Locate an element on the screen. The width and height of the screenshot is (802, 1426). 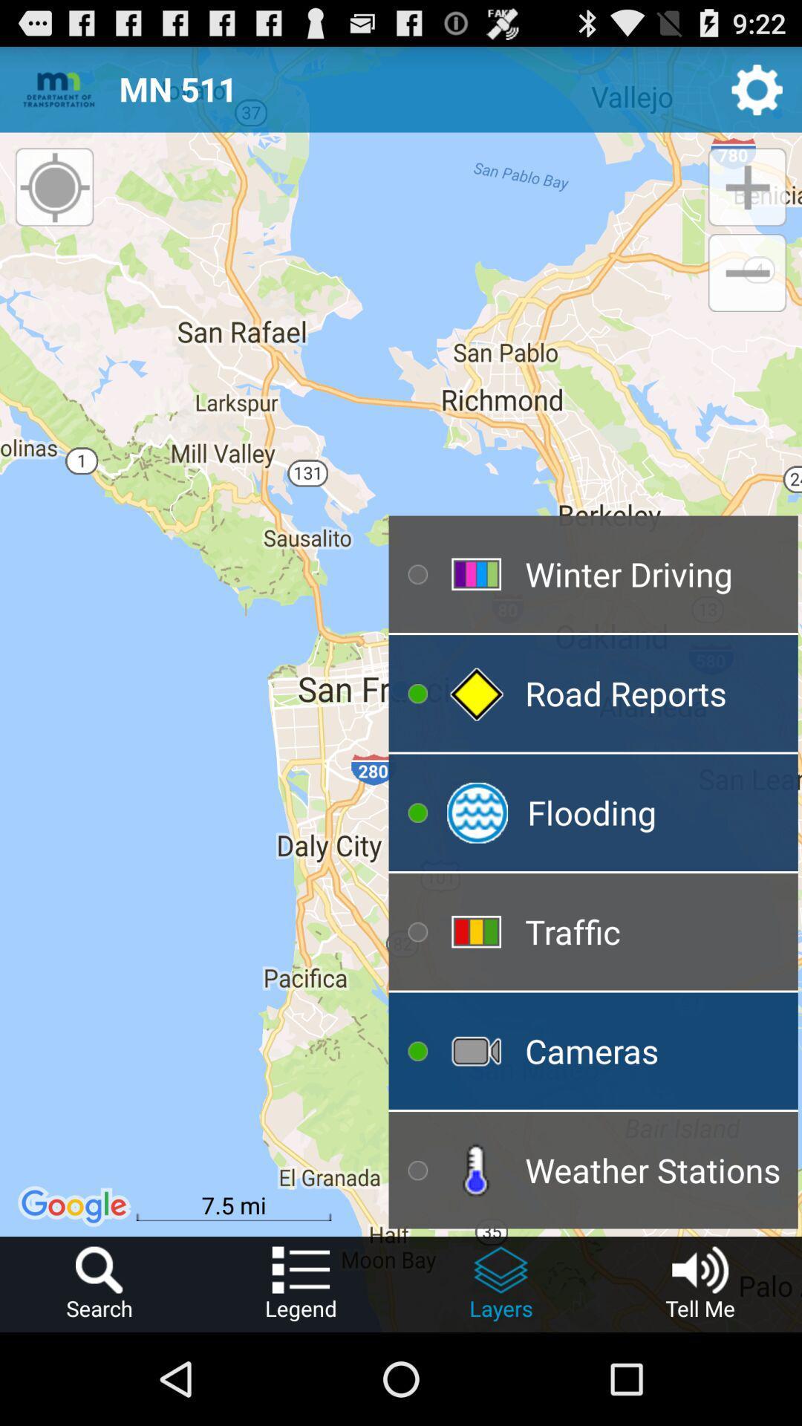
the location_crosshair icon is located at coordinates (53, 199).